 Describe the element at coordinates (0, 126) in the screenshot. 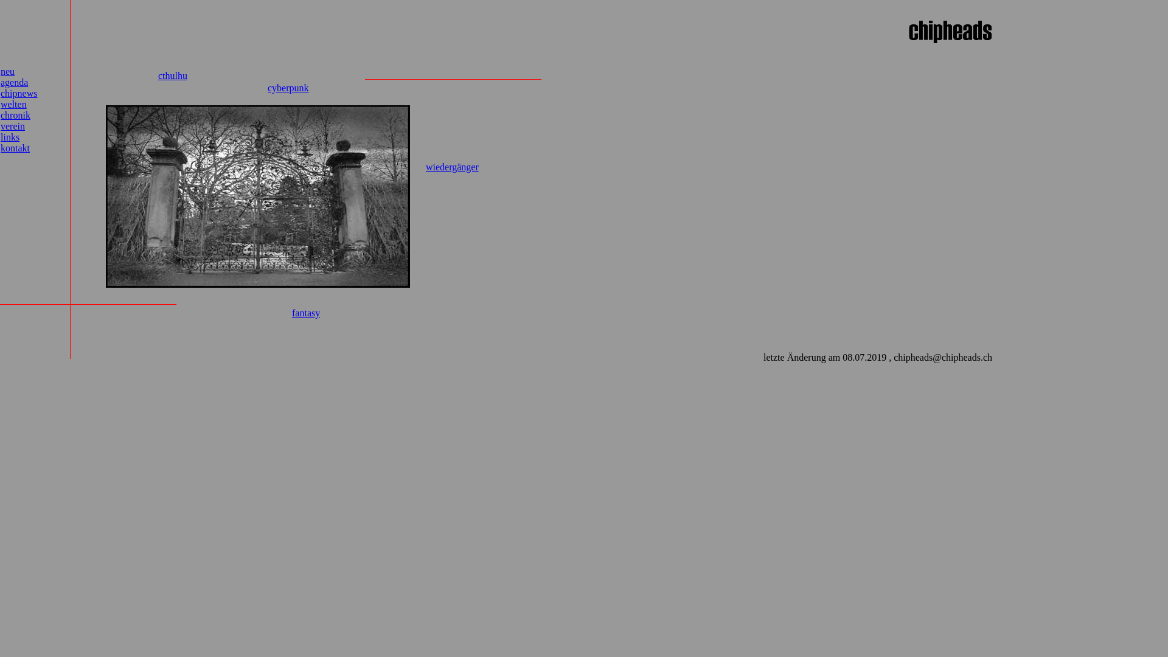

I see `'verein'` at that location.